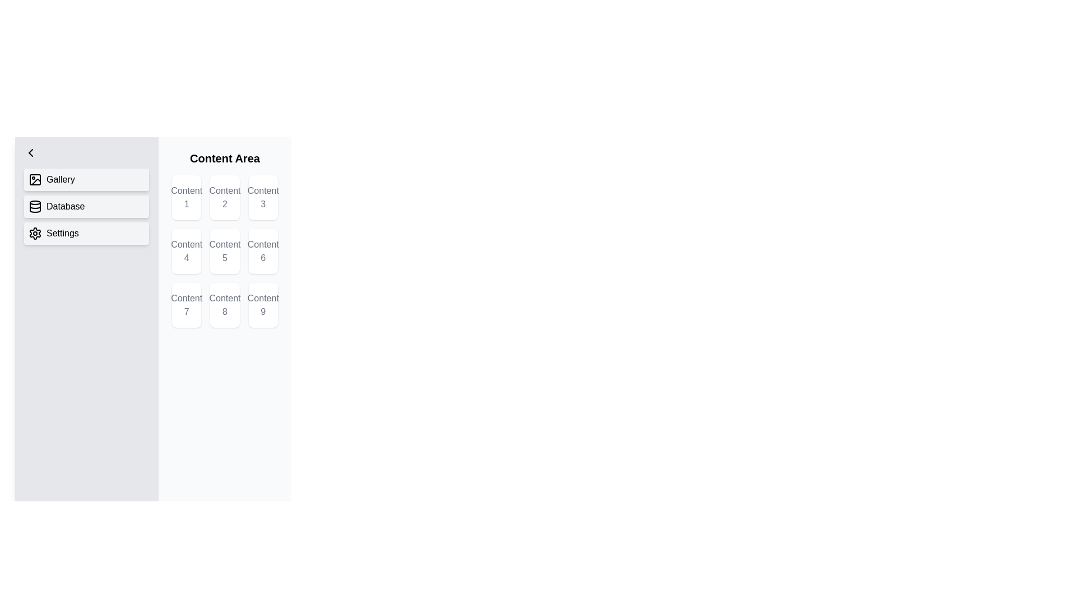 The height and width of the screenshot is (605, 1076). What do you see at coordinates (35, 179) in the screenshot?
I see `the innermost rectangular shape with rounded corners located within the icon depicting an image, situated next to the 'Gallery' text in the side navigation menu` at bounding box center [35, 179].